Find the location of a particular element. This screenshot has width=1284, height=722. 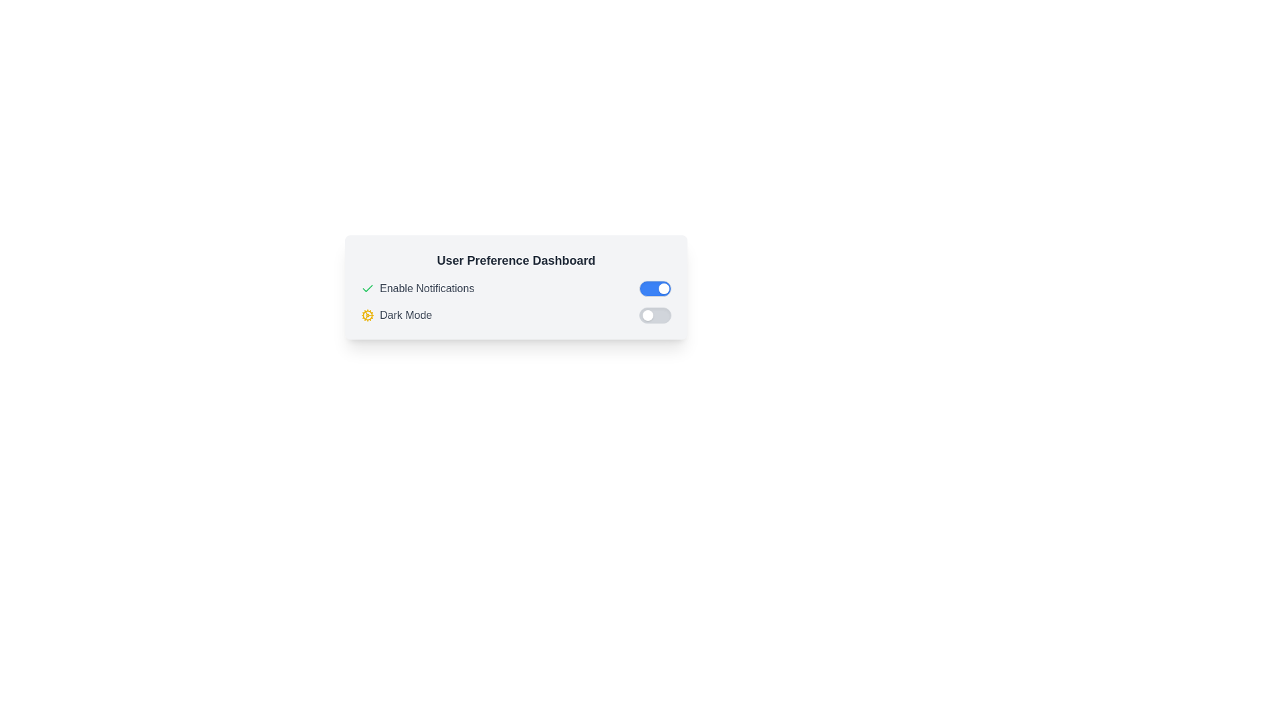

the descriptive text label for the toggle switch that informs users about enabling or disabling notifications is located at coordinates (426, 288).